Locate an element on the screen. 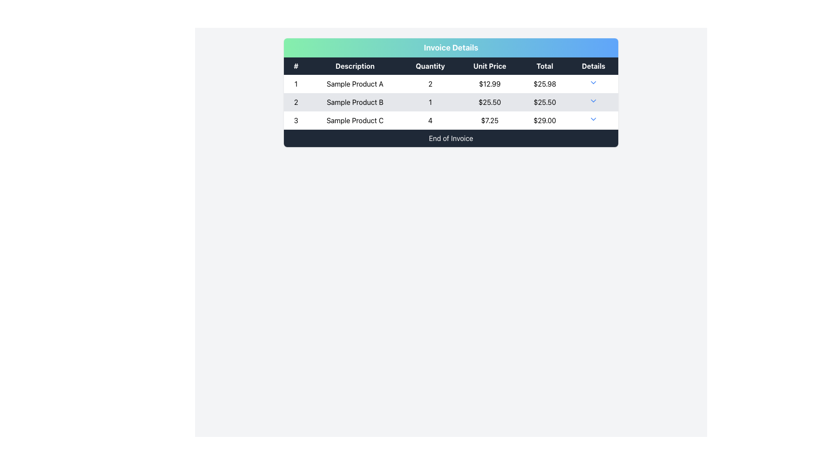 This screenshot has width=836, height=470. text of the total price label in the first data row of the table under the 'Total' column, which is horizontally aligned with the unit price '$12.99' and vertically aligned with 'Sample Product A' is located at coordinates (544, 84).